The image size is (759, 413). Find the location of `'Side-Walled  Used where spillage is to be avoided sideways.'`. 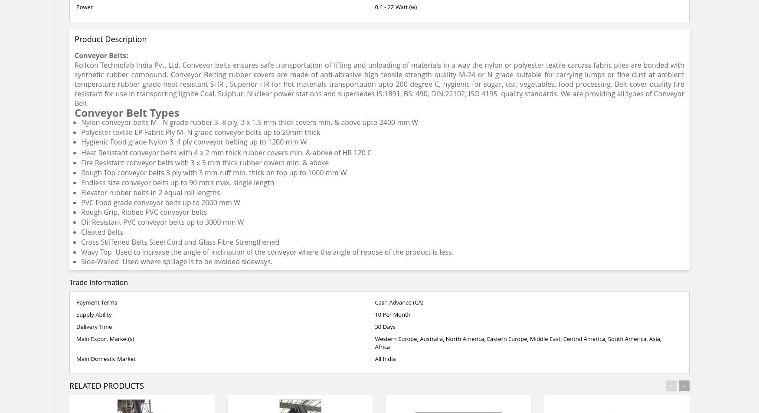

'Side-Walled  Used where spillage is to be avoided sideways.' is located at coordinates (81, 261).